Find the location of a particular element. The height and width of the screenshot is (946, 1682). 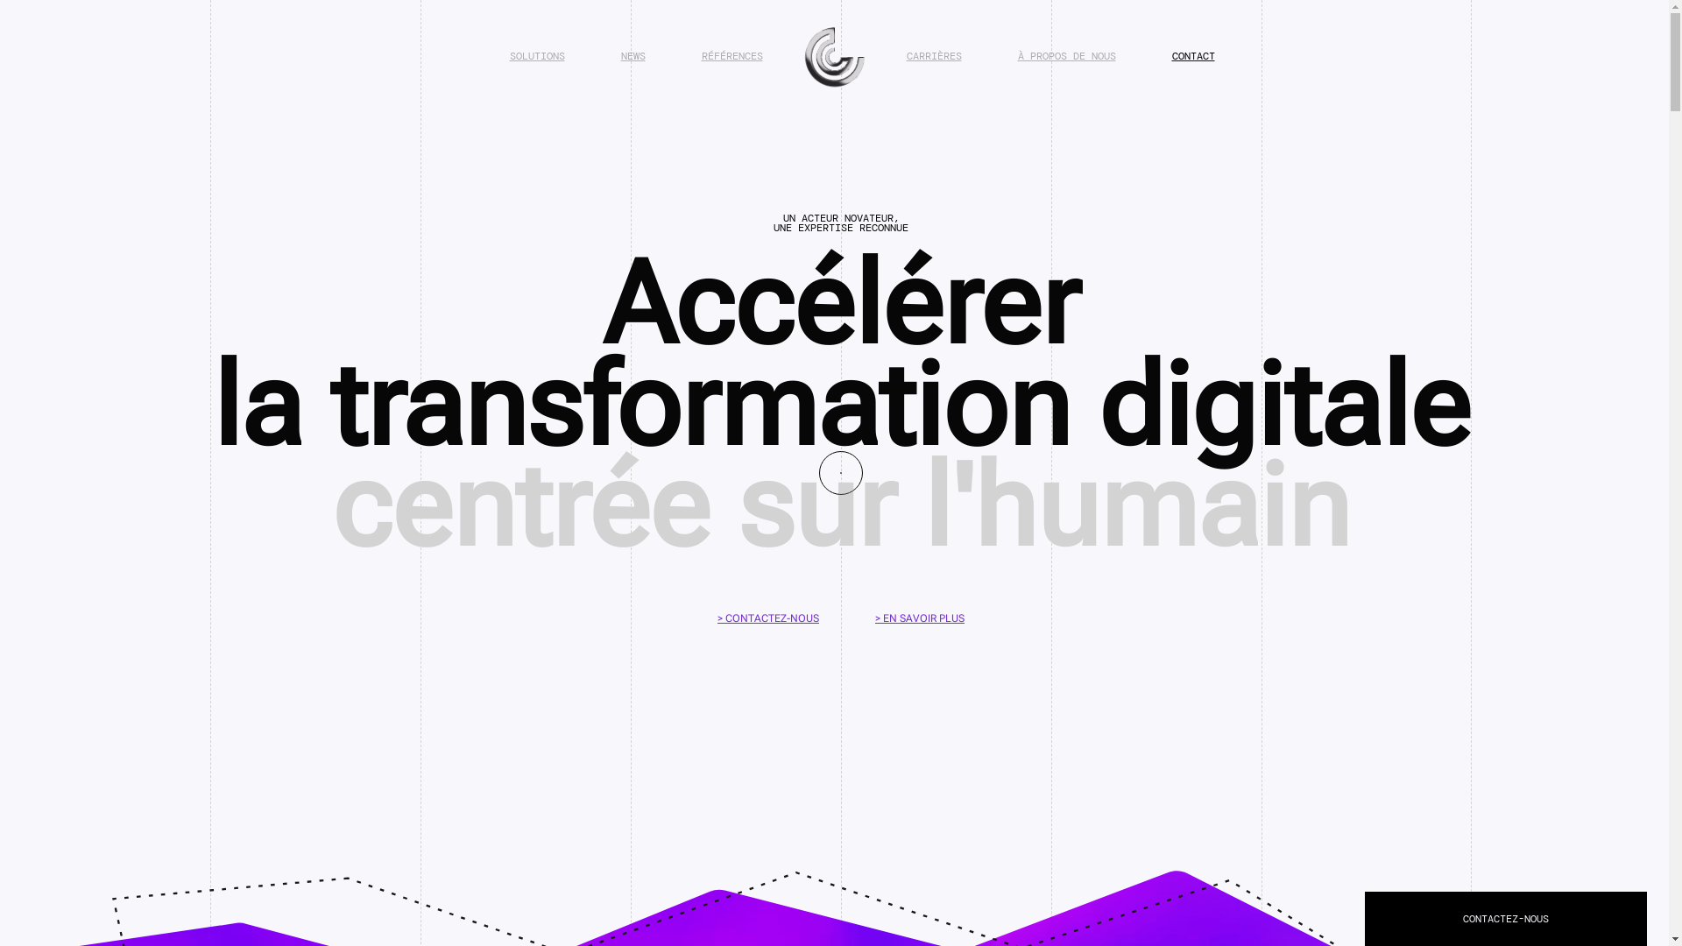

'> CONTACTEZ-NOUS' is located at coordinates (768, 618).